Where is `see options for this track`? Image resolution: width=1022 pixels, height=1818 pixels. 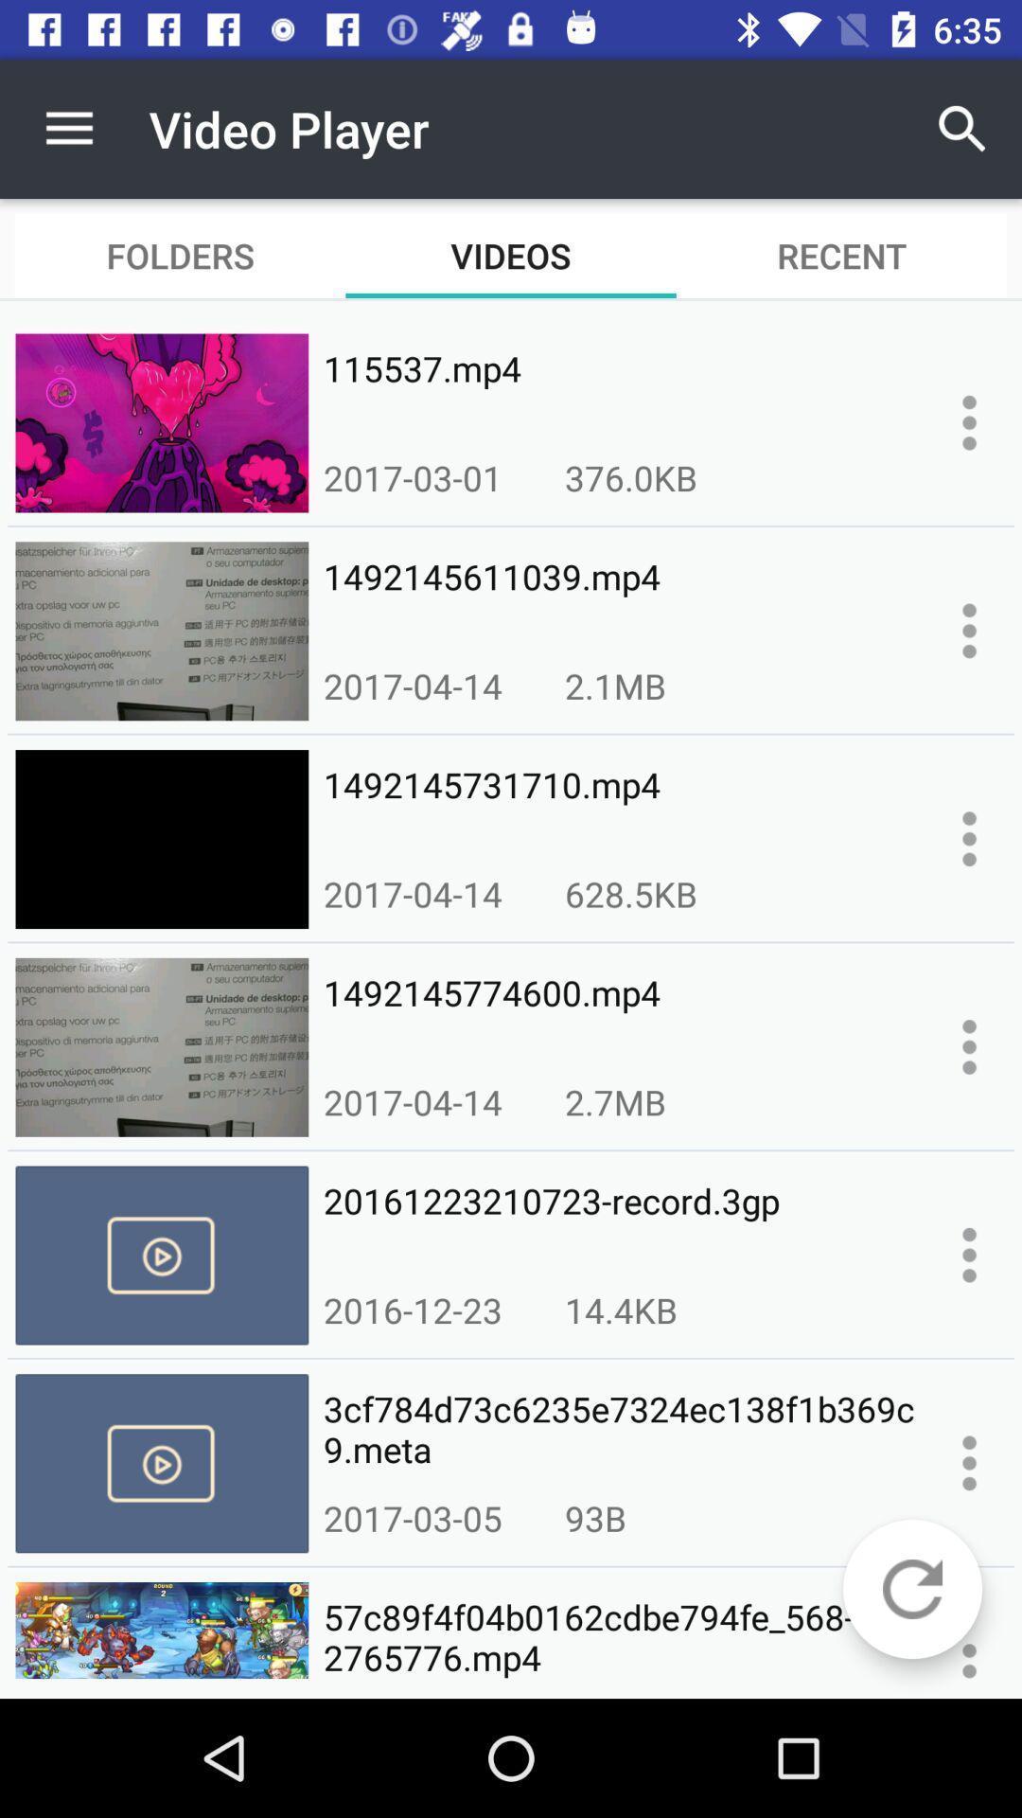 see options for this track is located at coordinates (969, 838).